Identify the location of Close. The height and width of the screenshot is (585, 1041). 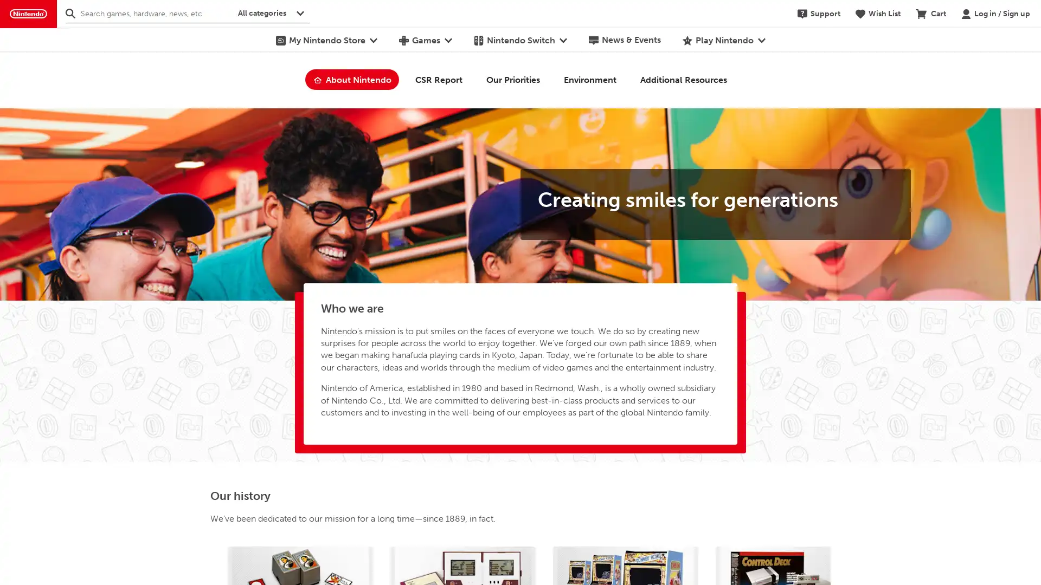
(1025, 63).